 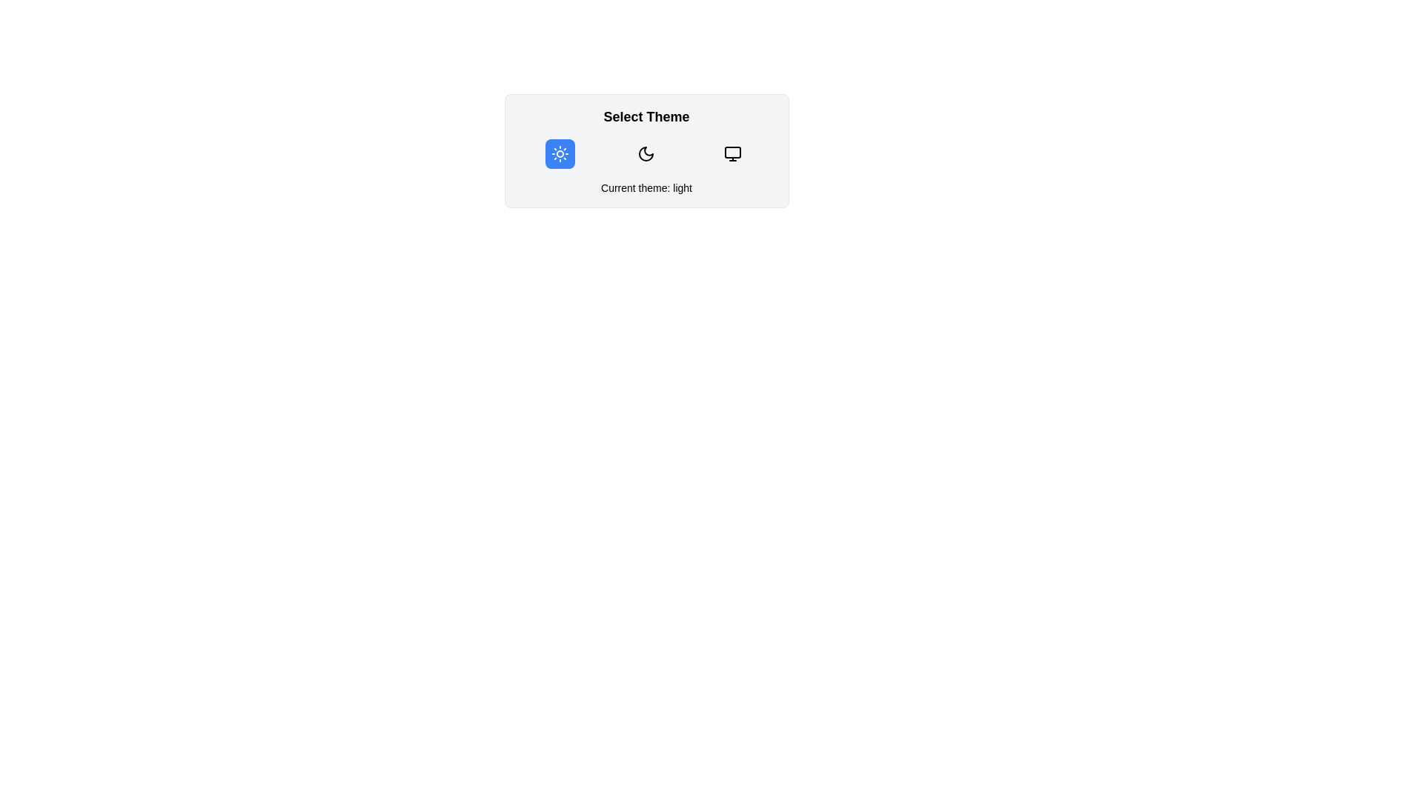 I want to click on the dark theme selection icon located between the sun icon and the monitor icon in the theme options row, so click(x=646, y=154).